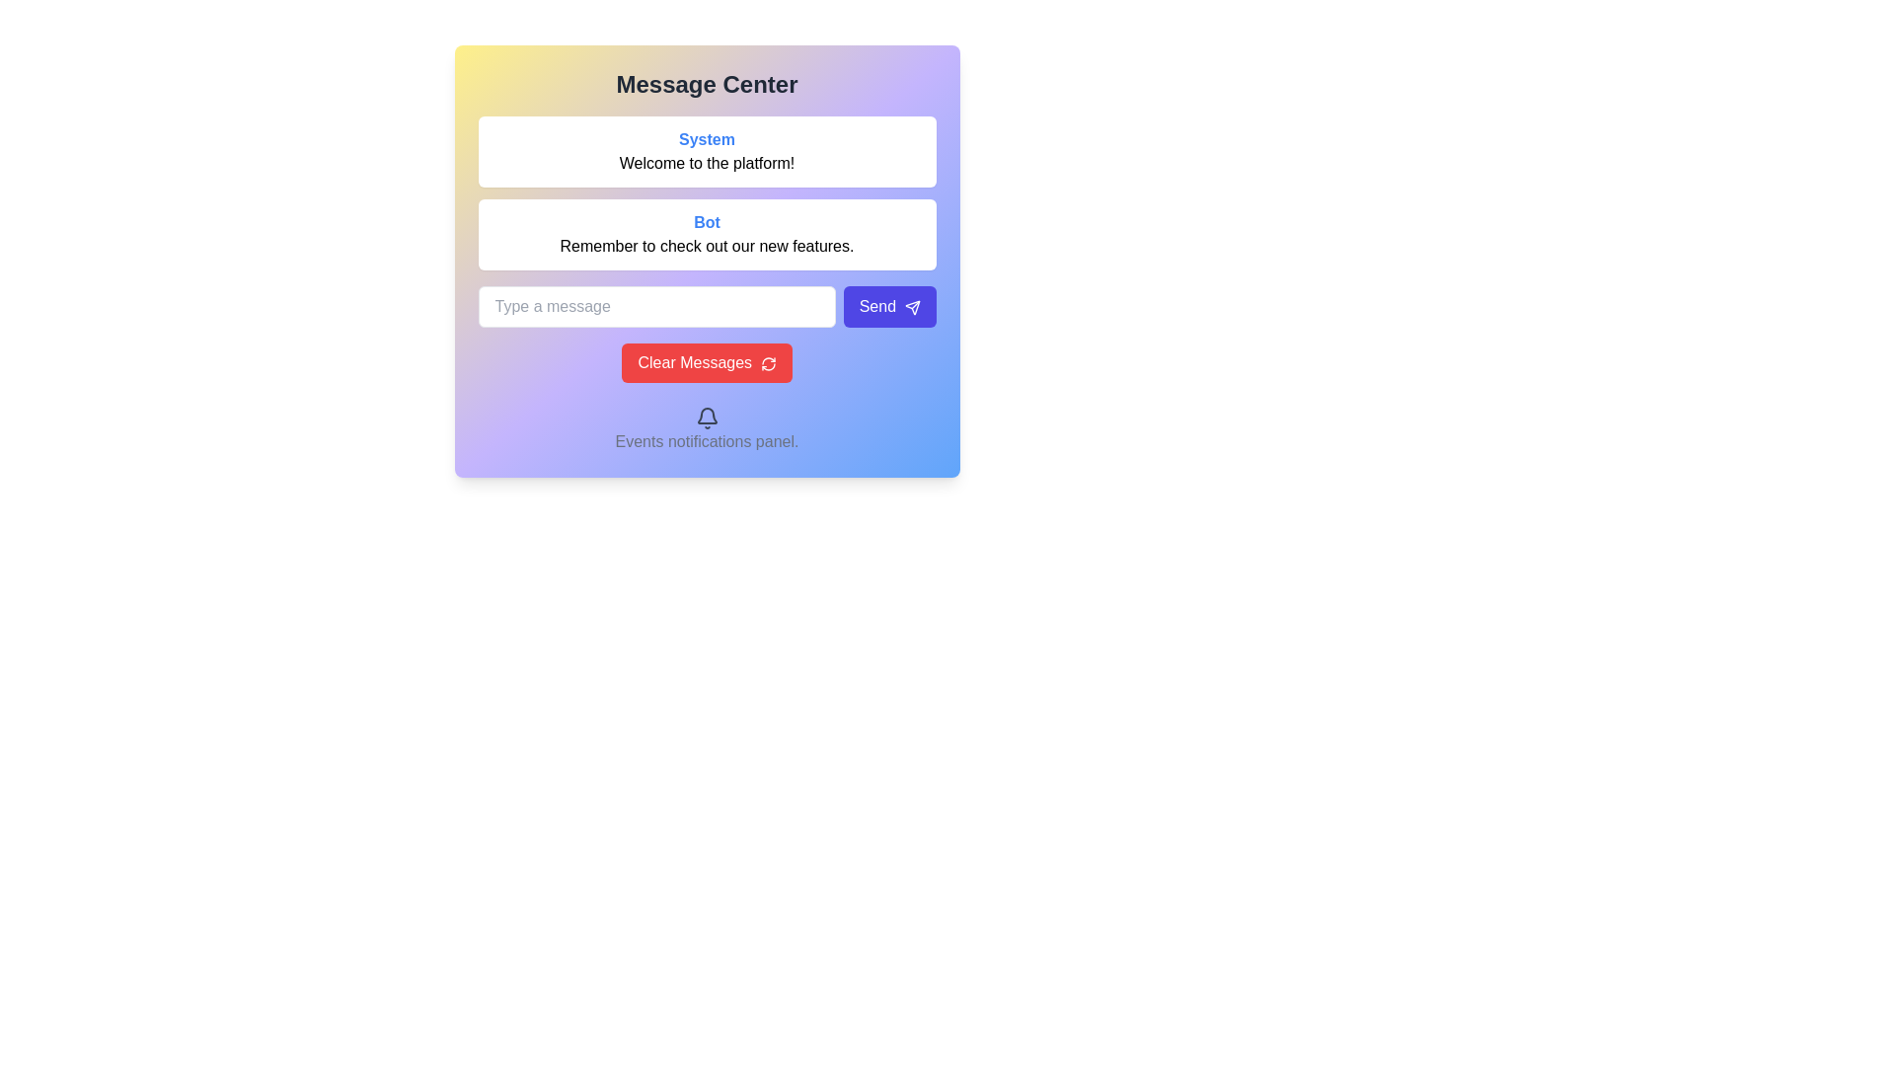 The width and height of the screenshot is (1895, 1066). What do you see at coordinates (707, 418) in the screenshot?
I see `the notifications icon located at the bottom of the card in the 'Events notifications panel' section` at bounding box center [707, 418].